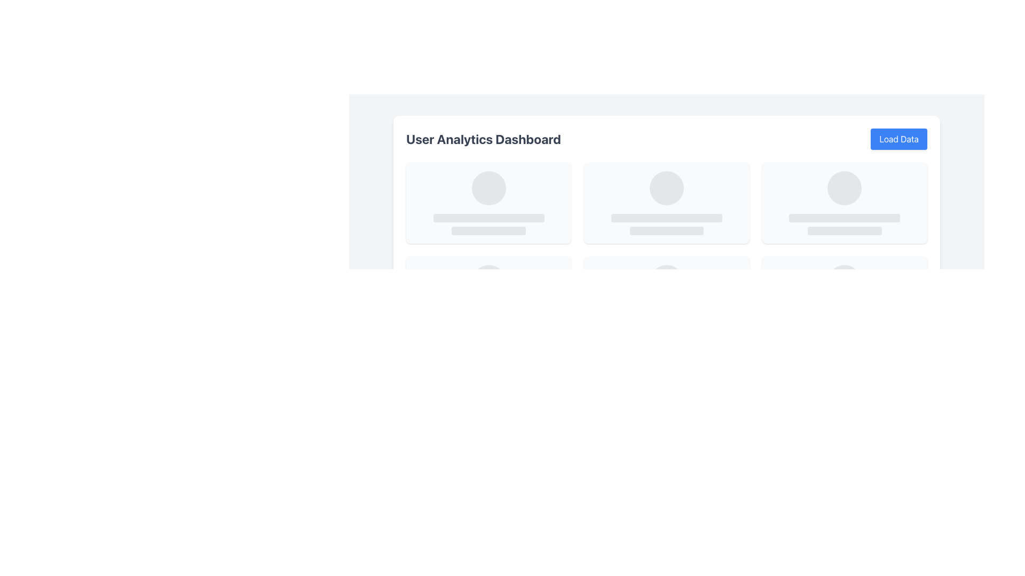 Image resolution: width=1025 pixels, height=576 pixels. What do you see at coordinates (666, 203) in the screenshot?
I see `the user card placeholder element located in the second column of the first row of the grid, which is centrally aligned and positioned between two similar cards` at bounding box center [666, 203].